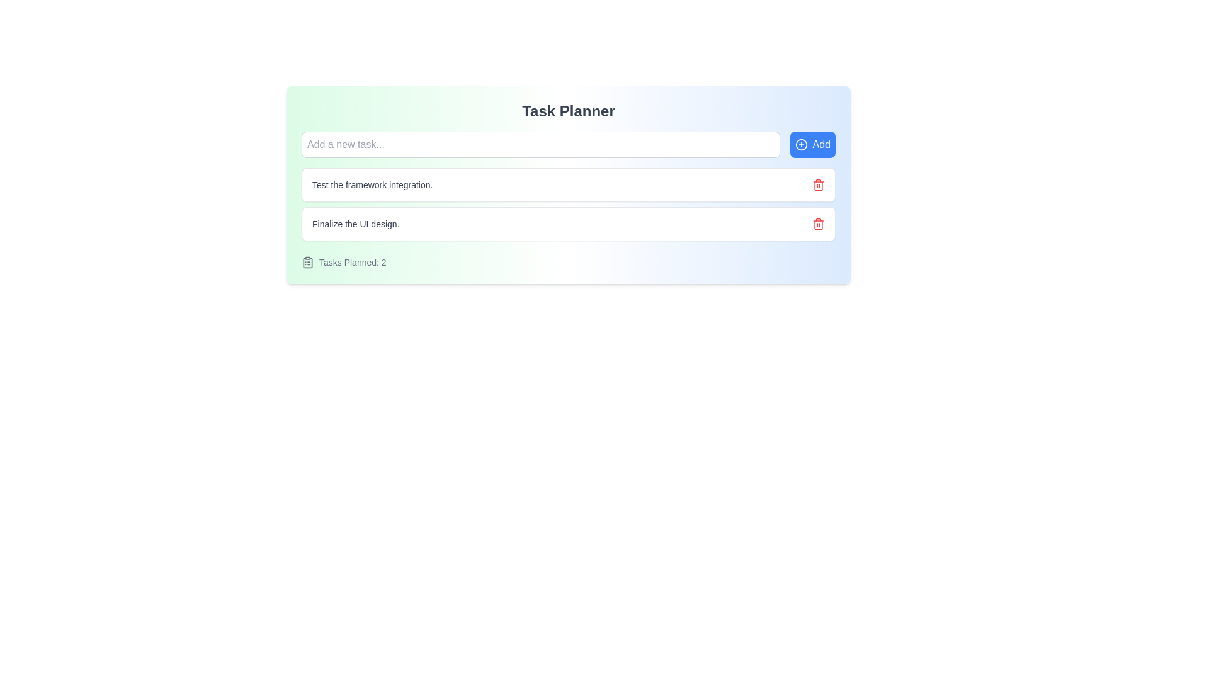 The height and width of the screenshot is (680, 1209). Describe the element at coordinates (308, 261) in the screenshot. I see `the decorative icon located at the start of the section in the bottom-left corner of the 'Task Planner' card, which visually represents the concept of task lists or planning, preceding the text 'Tasks Planned: 2'` at that location.